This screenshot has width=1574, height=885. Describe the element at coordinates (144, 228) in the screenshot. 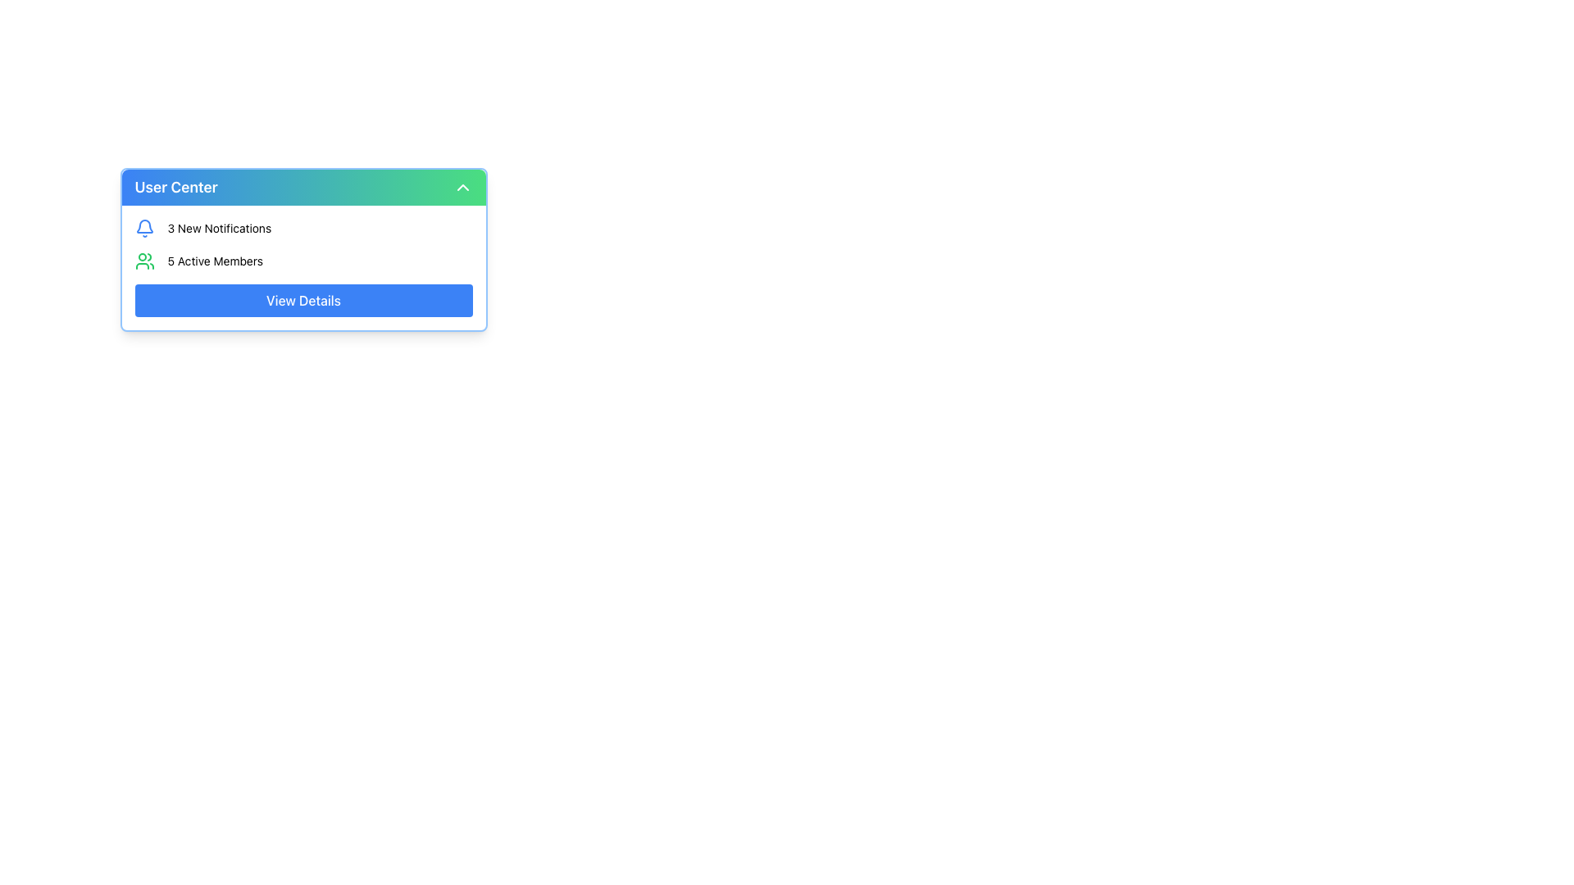

I see `the blue bell icon which resembles a notification symbol, located to the left of the text '3 New Notifications' in the notification summary section` at that location.